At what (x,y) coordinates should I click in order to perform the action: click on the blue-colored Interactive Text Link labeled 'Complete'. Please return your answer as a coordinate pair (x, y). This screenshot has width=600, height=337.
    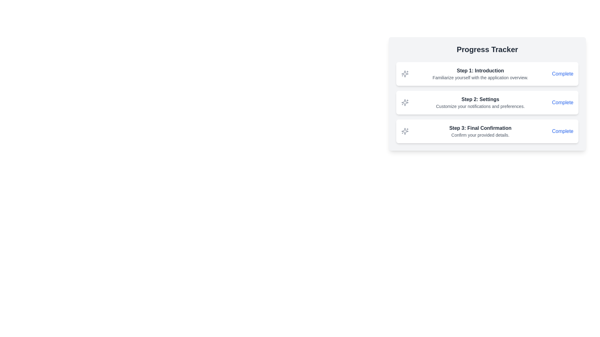
    Looking at the image, I should click on (562, 73).